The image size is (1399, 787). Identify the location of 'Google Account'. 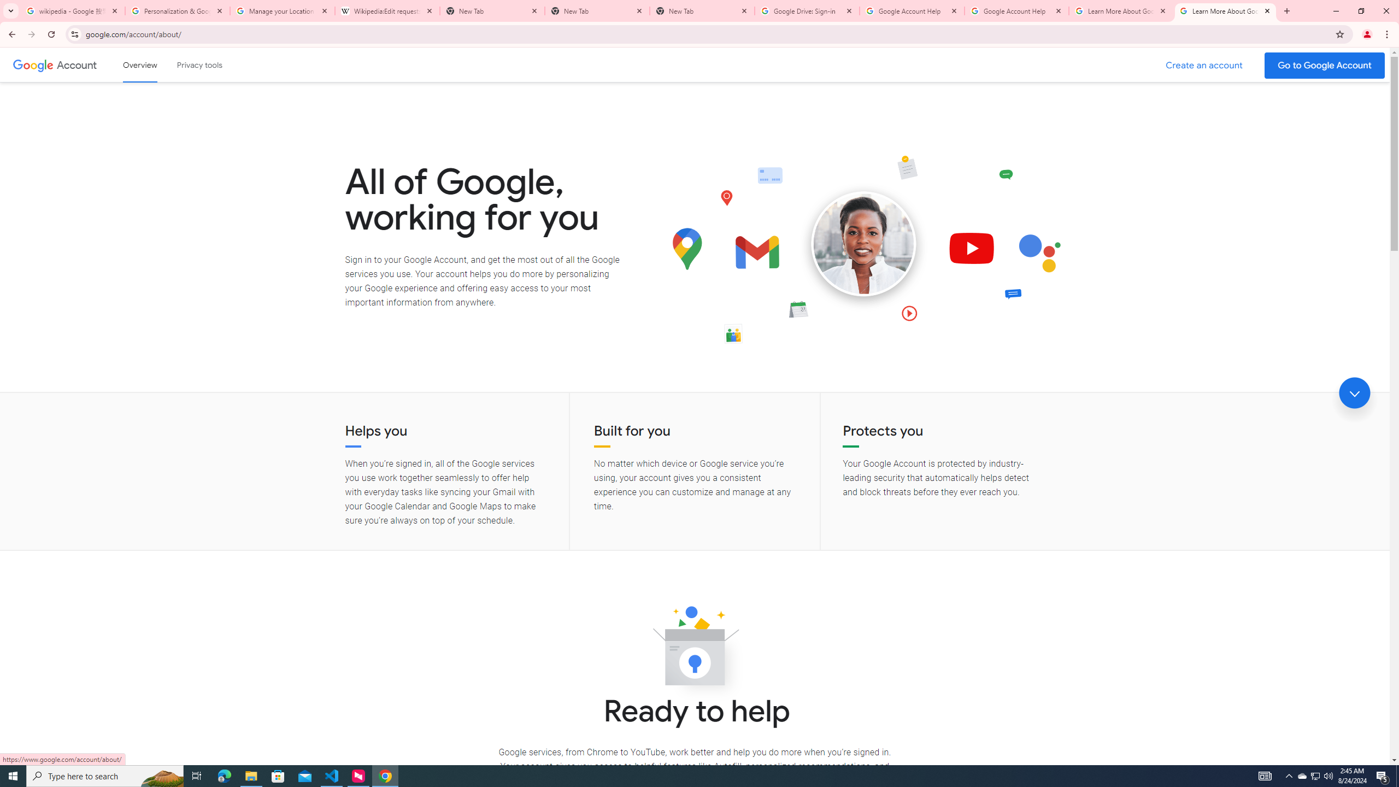
(78, 64).